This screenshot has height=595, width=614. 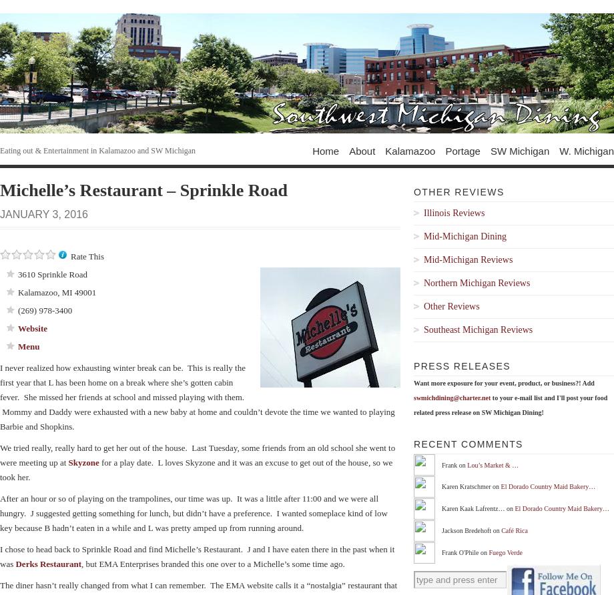 I want to click on 'to your e-mail list and I'll post your food related press release on SW Michigan Dining!', so click(x=412, y=404).